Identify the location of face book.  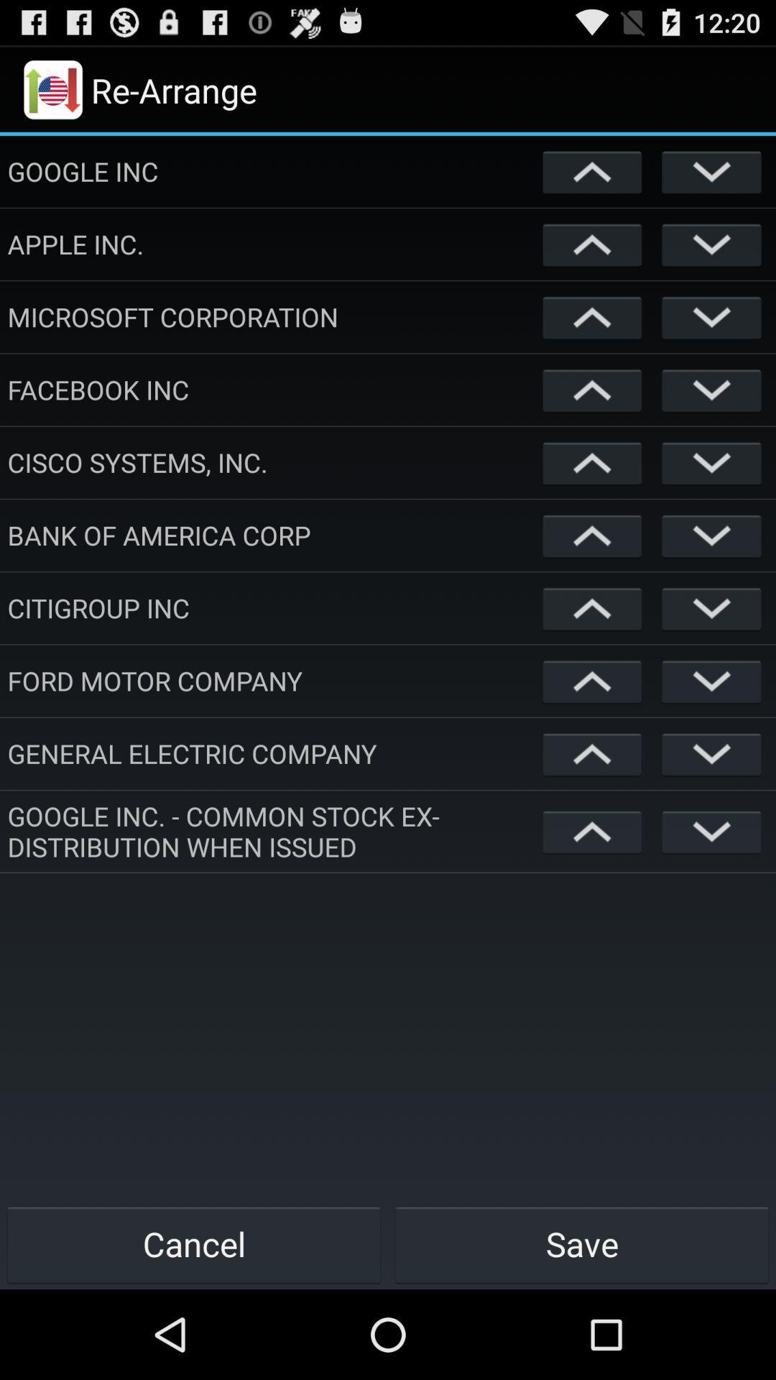
(592, 390).